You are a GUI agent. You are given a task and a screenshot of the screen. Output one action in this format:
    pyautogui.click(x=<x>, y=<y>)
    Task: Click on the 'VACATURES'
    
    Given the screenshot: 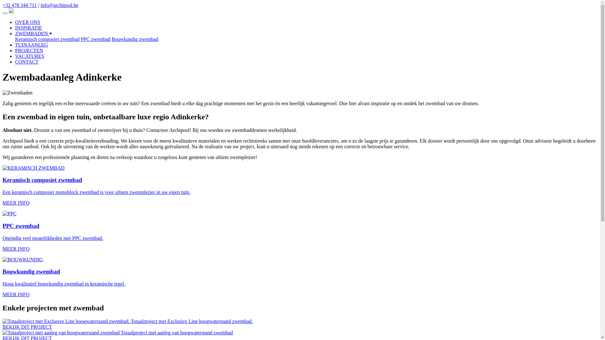 What is the action you would take?
    pyautogui.click(x=29, y=56)
    